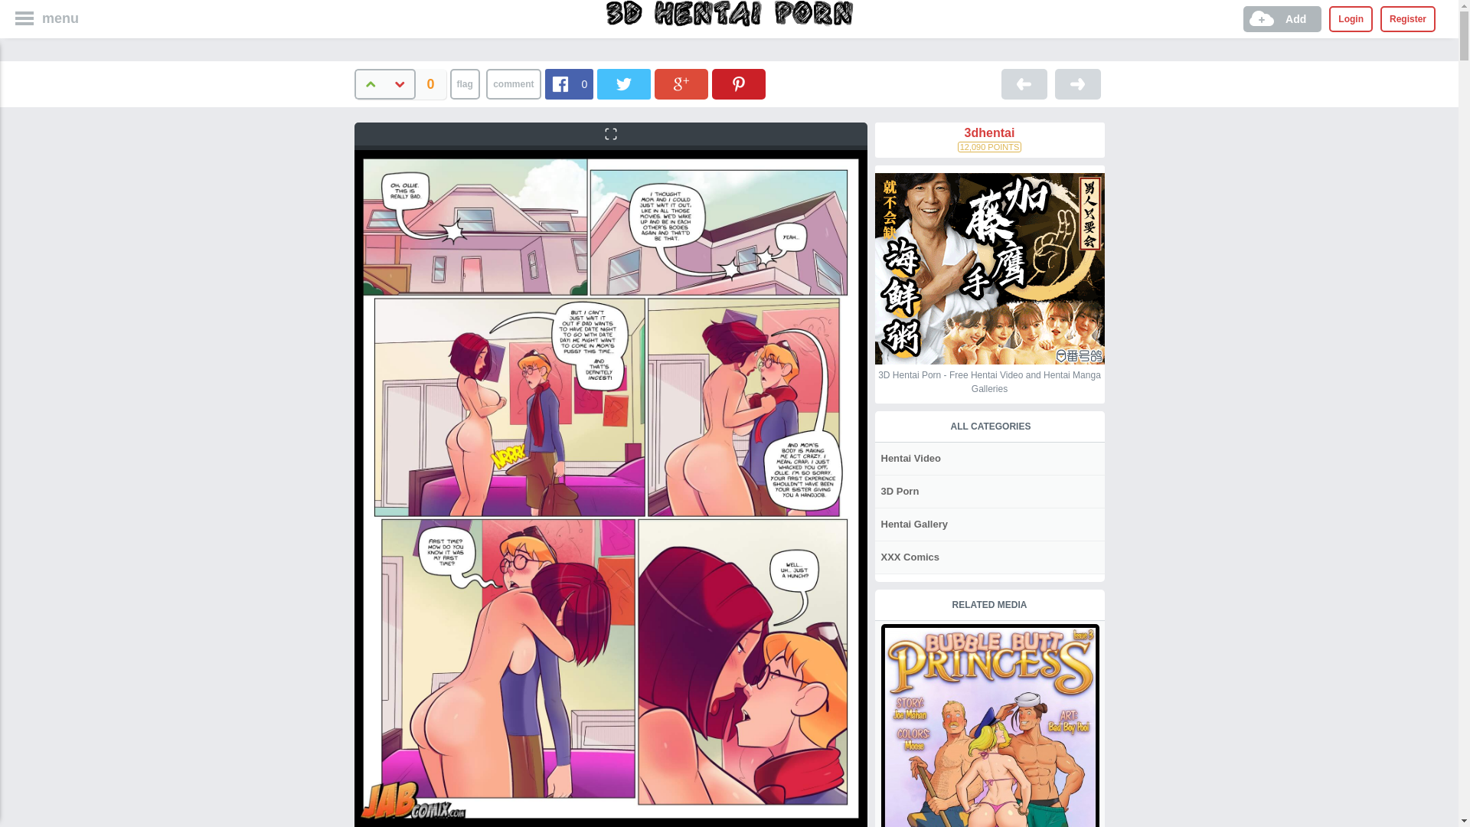  I want to click on 'ALL CATEGORIES', so click(989, 426).